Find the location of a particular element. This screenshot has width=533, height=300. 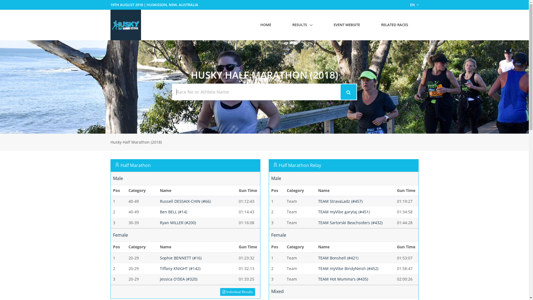

'TEAM Bonshell (#421)' is located at coordinates (338, 258).